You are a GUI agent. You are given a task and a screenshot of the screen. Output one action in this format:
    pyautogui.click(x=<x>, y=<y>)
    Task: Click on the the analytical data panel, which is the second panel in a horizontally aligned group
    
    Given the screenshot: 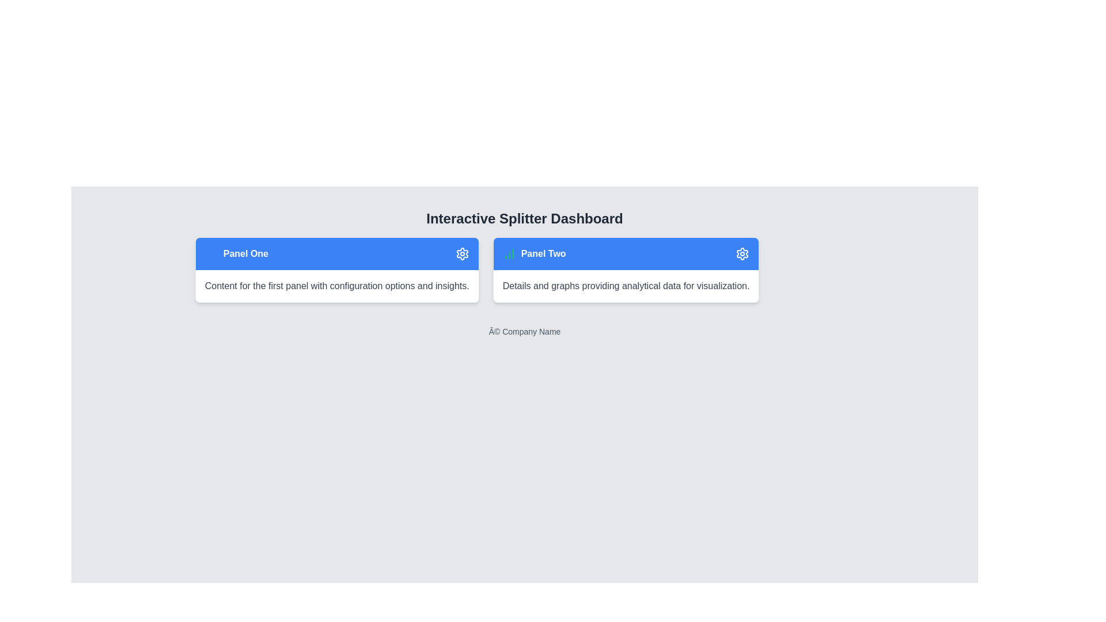 What is the action you would take?
    pyautogui.click(x=626, y=270)
    